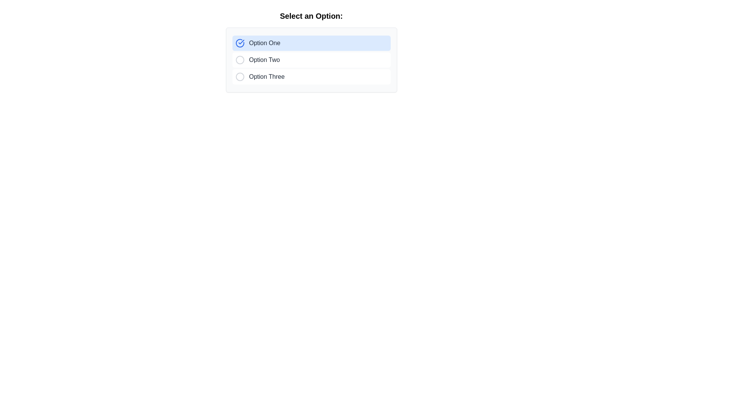 The image size is (734, 413). I want to click on the status of the active state indicator for 'Option One', located in the top-right quadrant, leftmost of the list item labeled 'Option One', so click(239, 43).